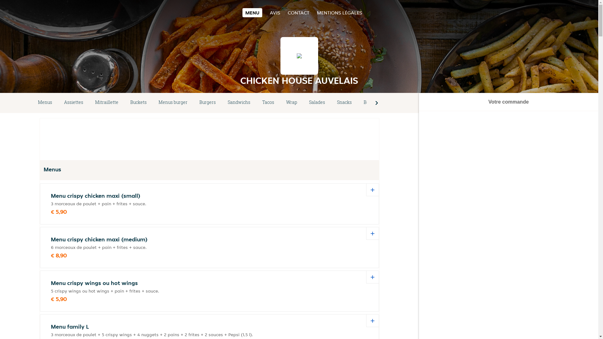  Describe the element at coordinates (291, 102) in the screenshot. I see `'Wrap'` at that location.